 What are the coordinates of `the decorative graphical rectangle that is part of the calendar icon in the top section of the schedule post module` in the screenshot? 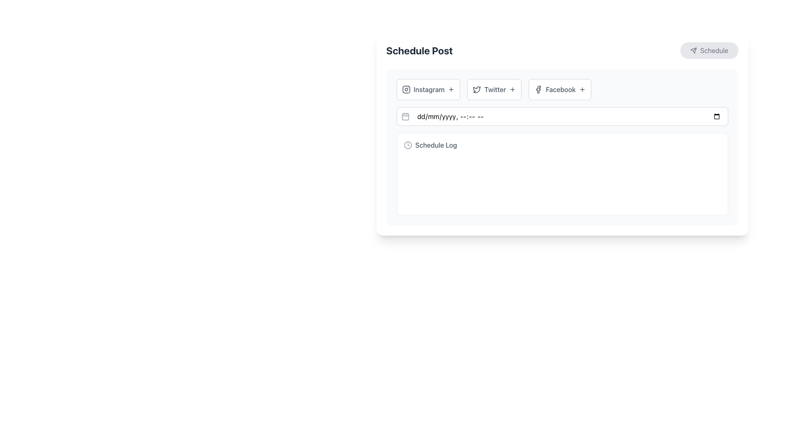 It's located at (405, 117).